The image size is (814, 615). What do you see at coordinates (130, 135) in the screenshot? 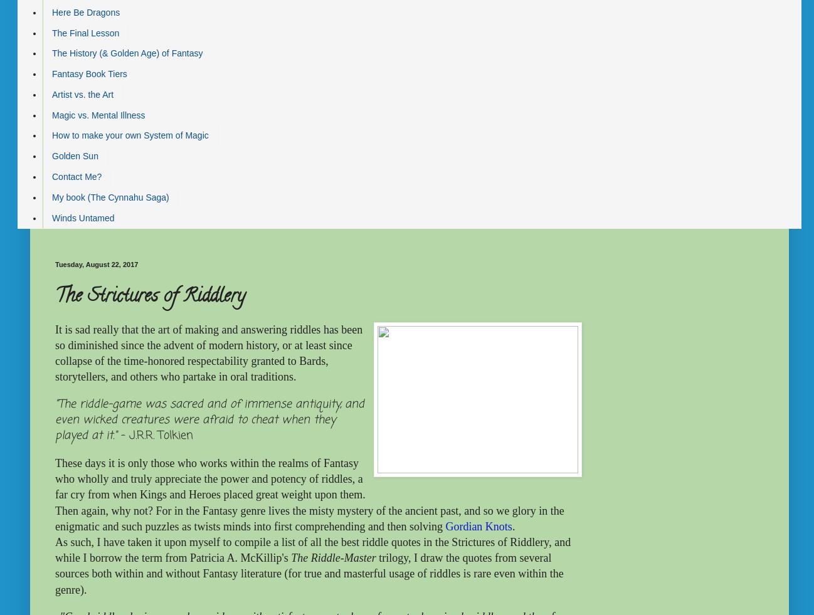
I see `'How to make your own System of Magic'` at bounding box center [130, 135].